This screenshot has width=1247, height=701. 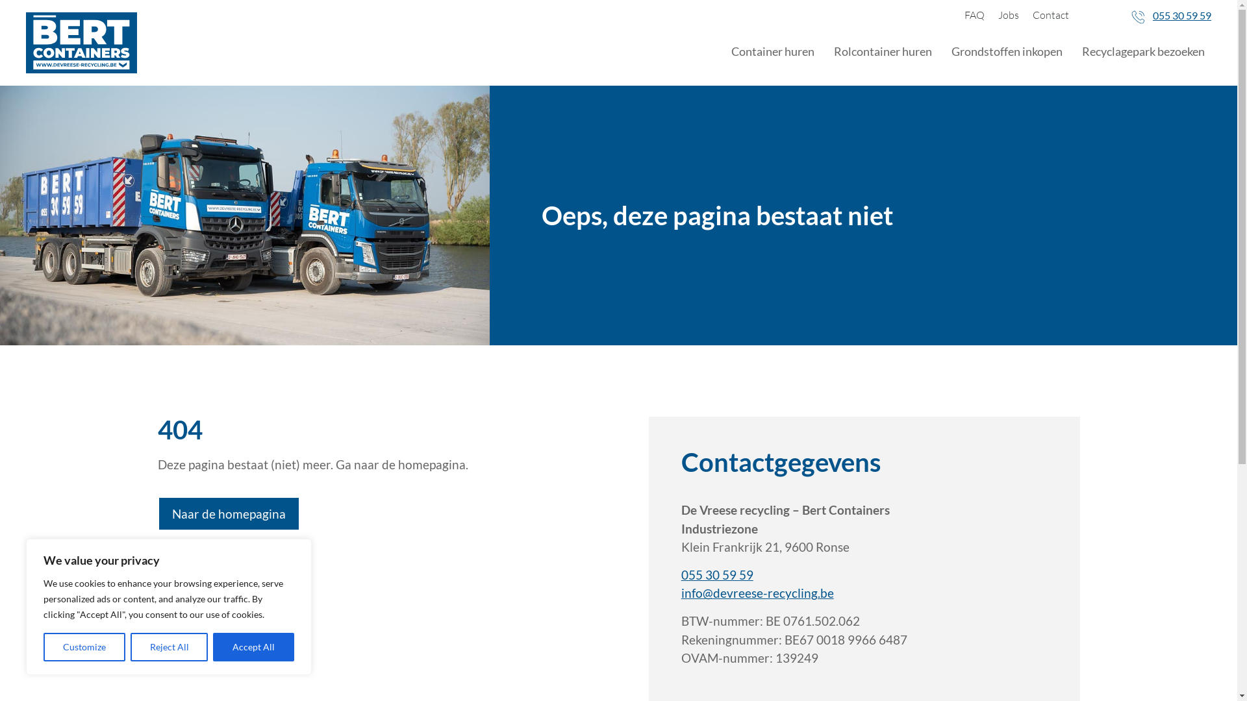 I want to click on 'Recyclagepark bezoeken', so click(x=1081, y=50).